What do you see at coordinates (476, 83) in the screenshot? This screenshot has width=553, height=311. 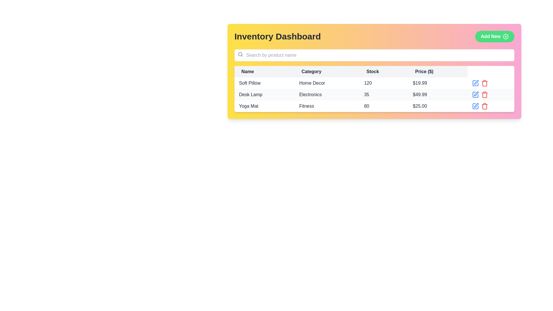 I see `the edit button located in the last column of the first row in the 'Price ($)' section to initiate editing` at bounding box center [476, 83].